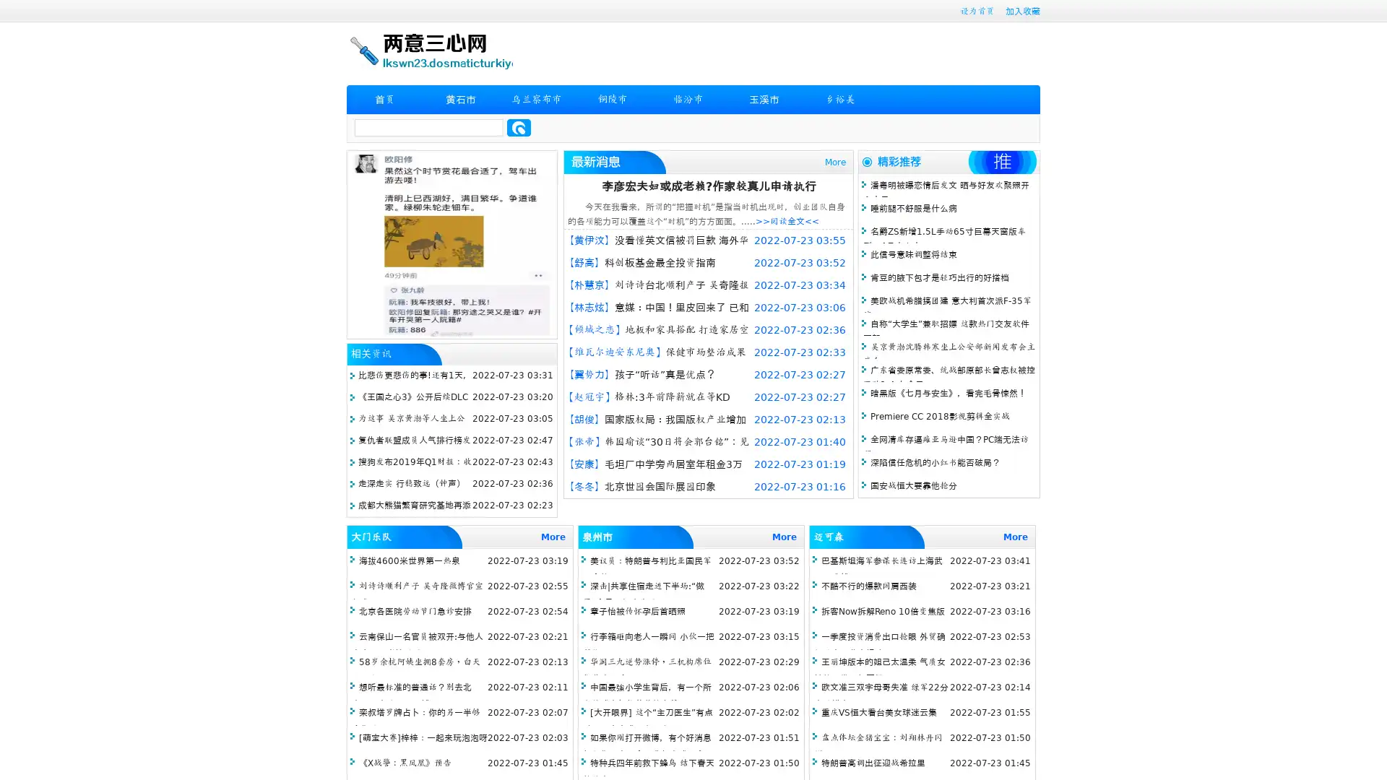 The height and width of the screenshot is (780, 1387). What do you see at coordinates (519, 127) in the screenshot?
I see `Search` at bounding box center [519, 127].